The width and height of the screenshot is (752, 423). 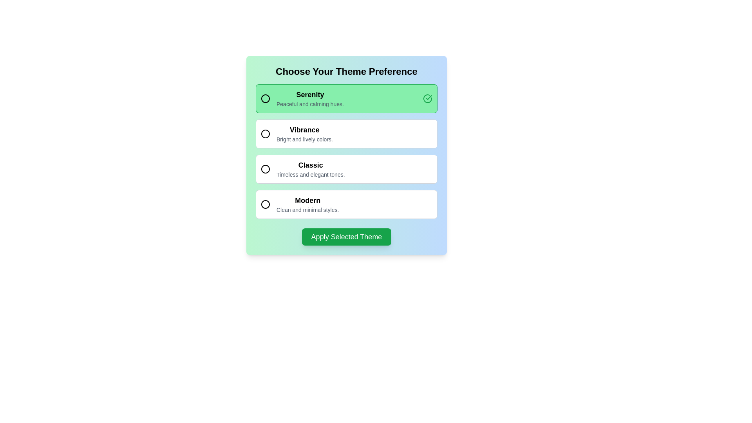 What do you see at coordinates (265, 169) in the screenshot?
I see `the radio button indicator located to the left of the text 'Classic' in the theme selection interface` at bounding box center [265, 169].